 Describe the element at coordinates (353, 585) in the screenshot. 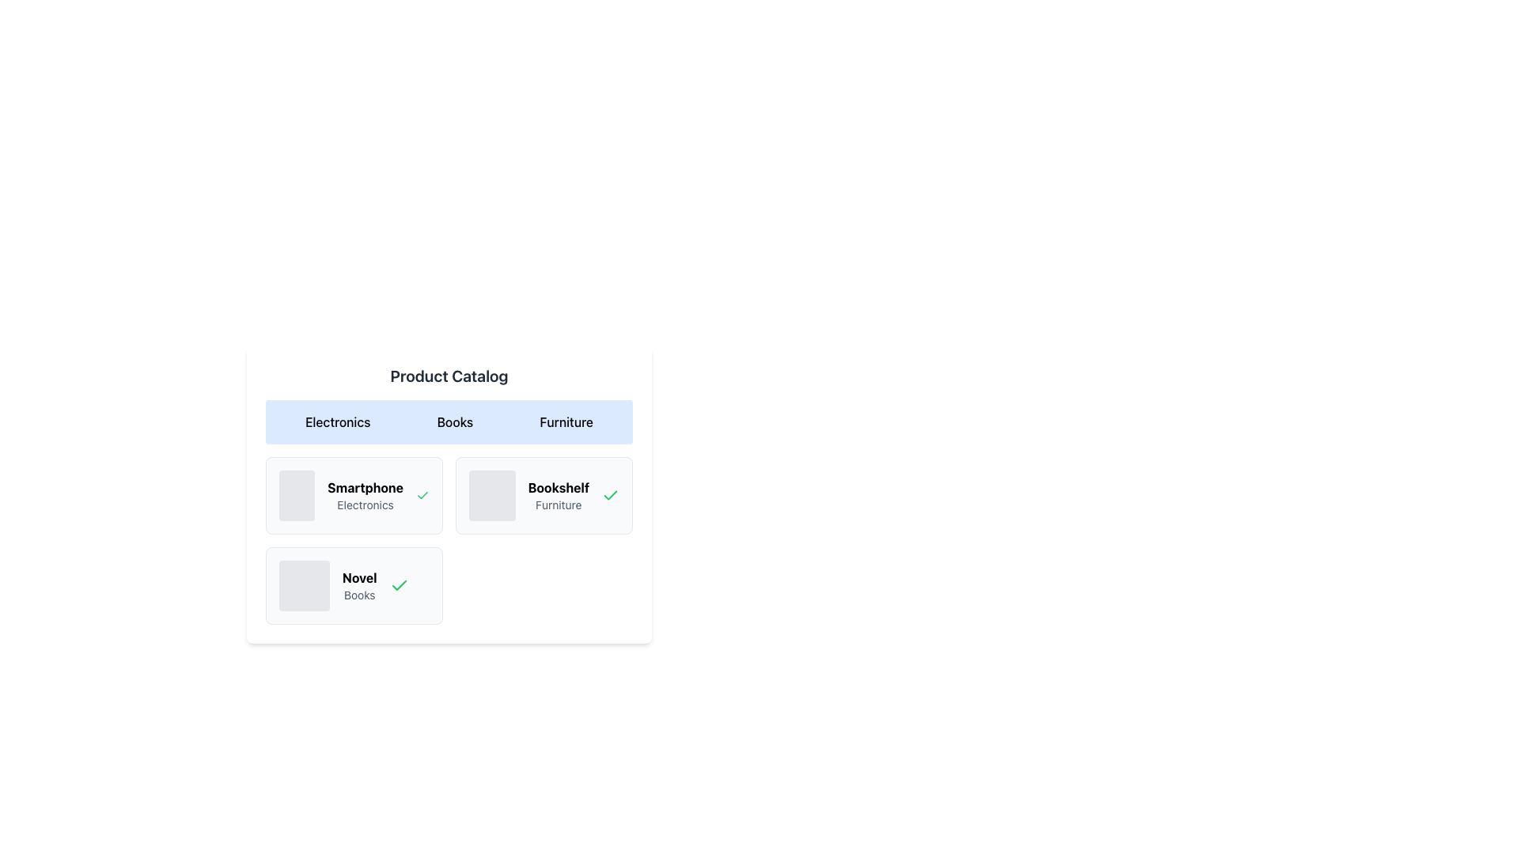

I see `the Interactive card representing the 'Novel Books' category in the bottom-left position of the grid layout within the 'Books' tab section` at that location.